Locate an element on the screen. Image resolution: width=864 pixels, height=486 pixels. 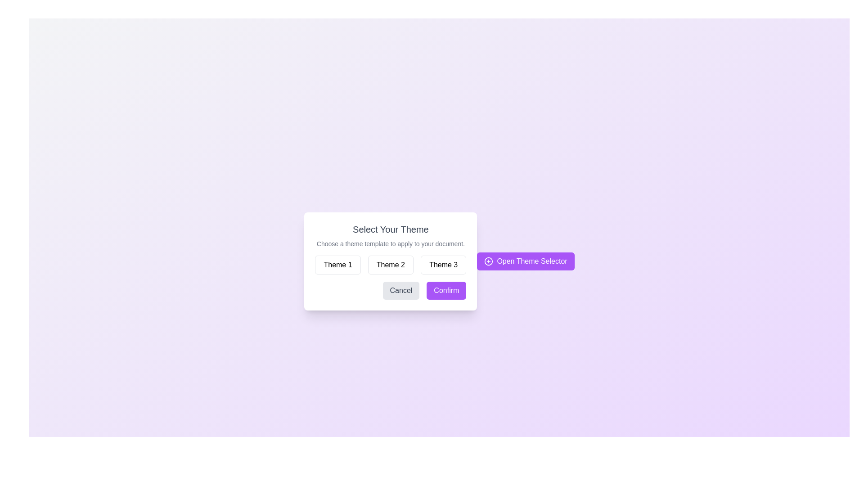
the confirmation button located at the bottom-right corner of the modal dialog is located at coordinates (446, 290).